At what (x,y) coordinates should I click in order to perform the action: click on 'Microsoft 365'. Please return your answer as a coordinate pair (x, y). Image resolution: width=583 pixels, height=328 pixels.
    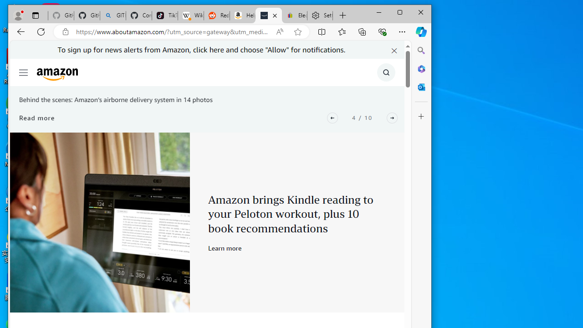
    Looking at the image, I should click on (421, 68).